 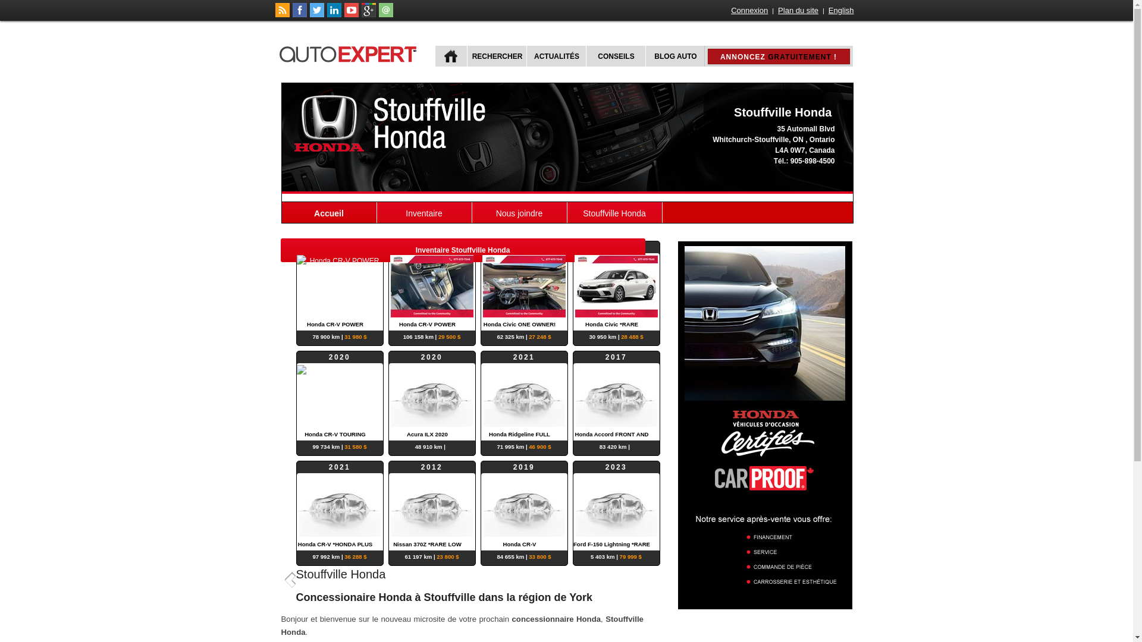 What do you see at coordinates (329, 212) in the screenshot?
I see `'Accueil'` at bounding box center [329, 212].